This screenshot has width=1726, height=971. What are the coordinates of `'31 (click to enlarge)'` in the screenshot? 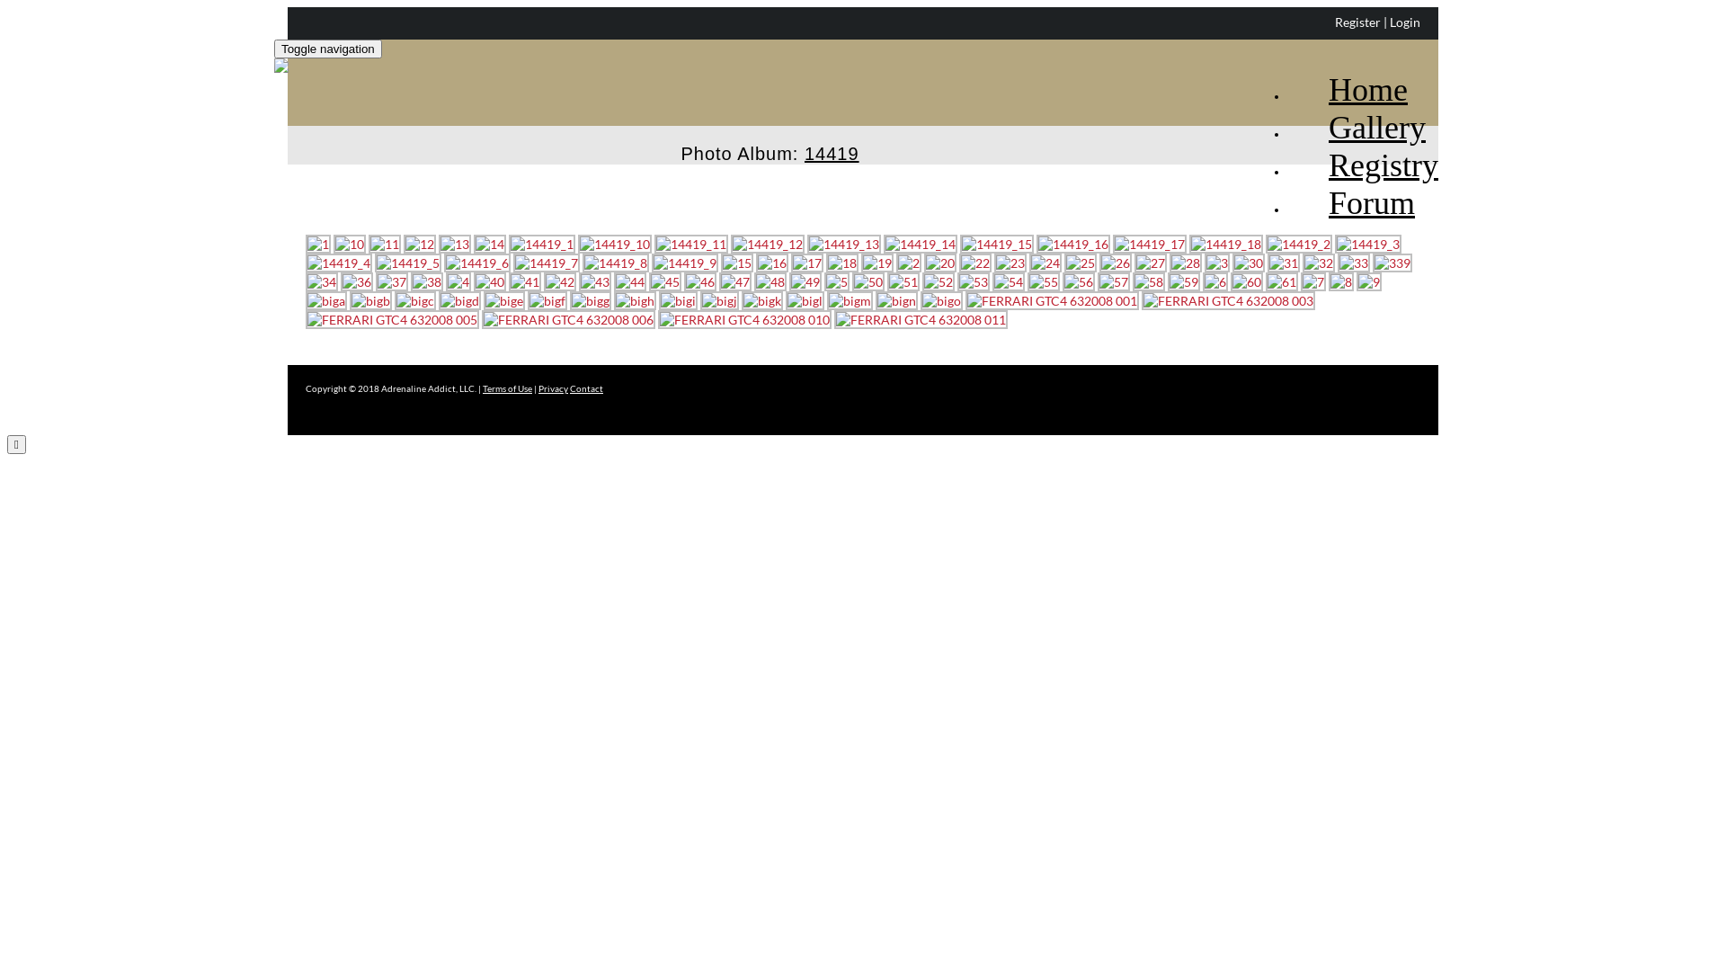 It's located at (1283, 263).